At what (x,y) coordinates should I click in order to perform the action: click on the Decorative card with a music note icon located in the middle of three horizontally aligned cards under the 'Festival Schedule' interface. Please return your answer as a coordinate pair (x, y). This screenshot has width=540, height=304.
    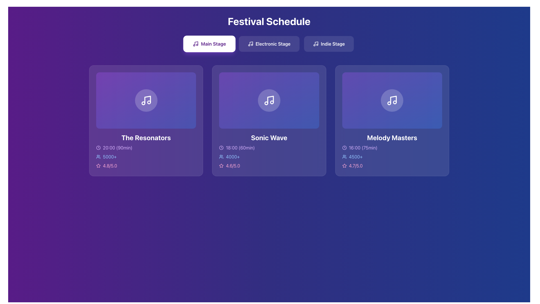
    Looking at the image, I should click on (269, 100).